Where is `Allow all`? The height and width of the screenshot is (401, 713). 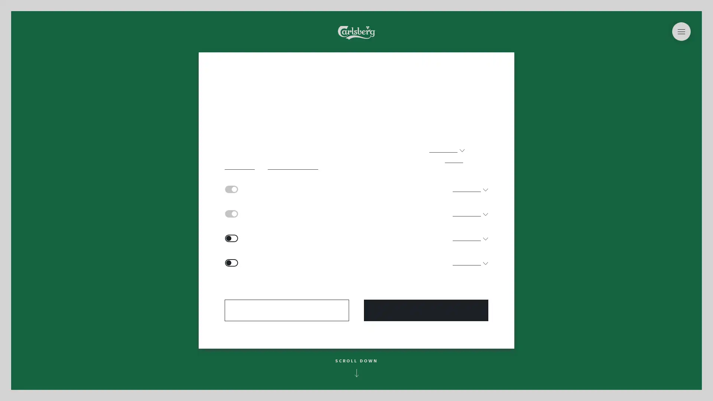
Allow all is located at coordinates (426, 310).